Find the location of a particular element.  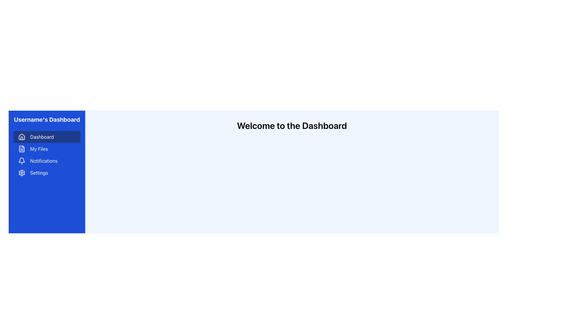

the 'My Files' navigation button located in the sidebar menu, positioned below the 'Dashboard' button and above the 'Notifications' button, to redirect to the corresponding section is located at coordinates (47, 148).